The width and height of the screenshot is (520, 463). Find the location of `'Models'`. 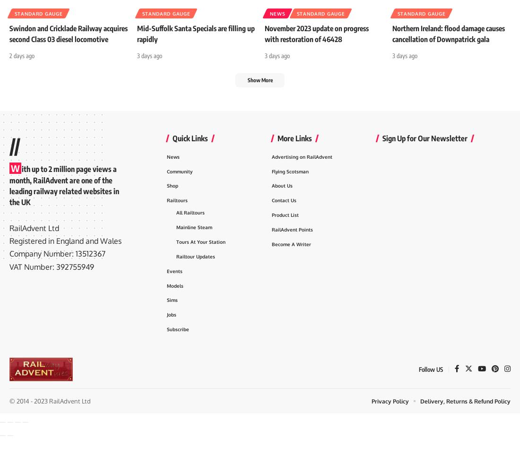

'Models' is located at coordinates (175, 308).